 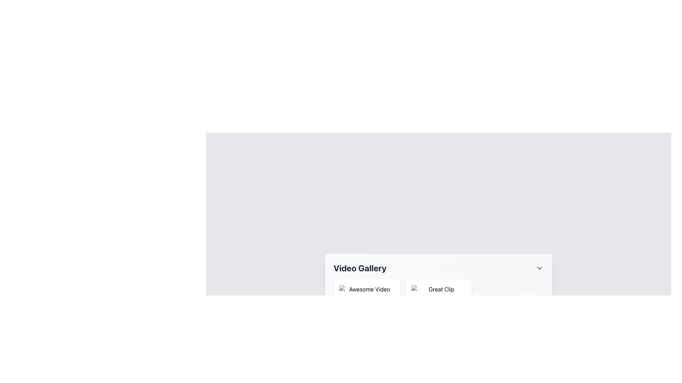 What do you see at coordinates (360, 268) in the screenshot?
I see `the bold textual heading 'Video Gallery' which is prominently displayed at the top left of its section` at bounding box center [360, 268].